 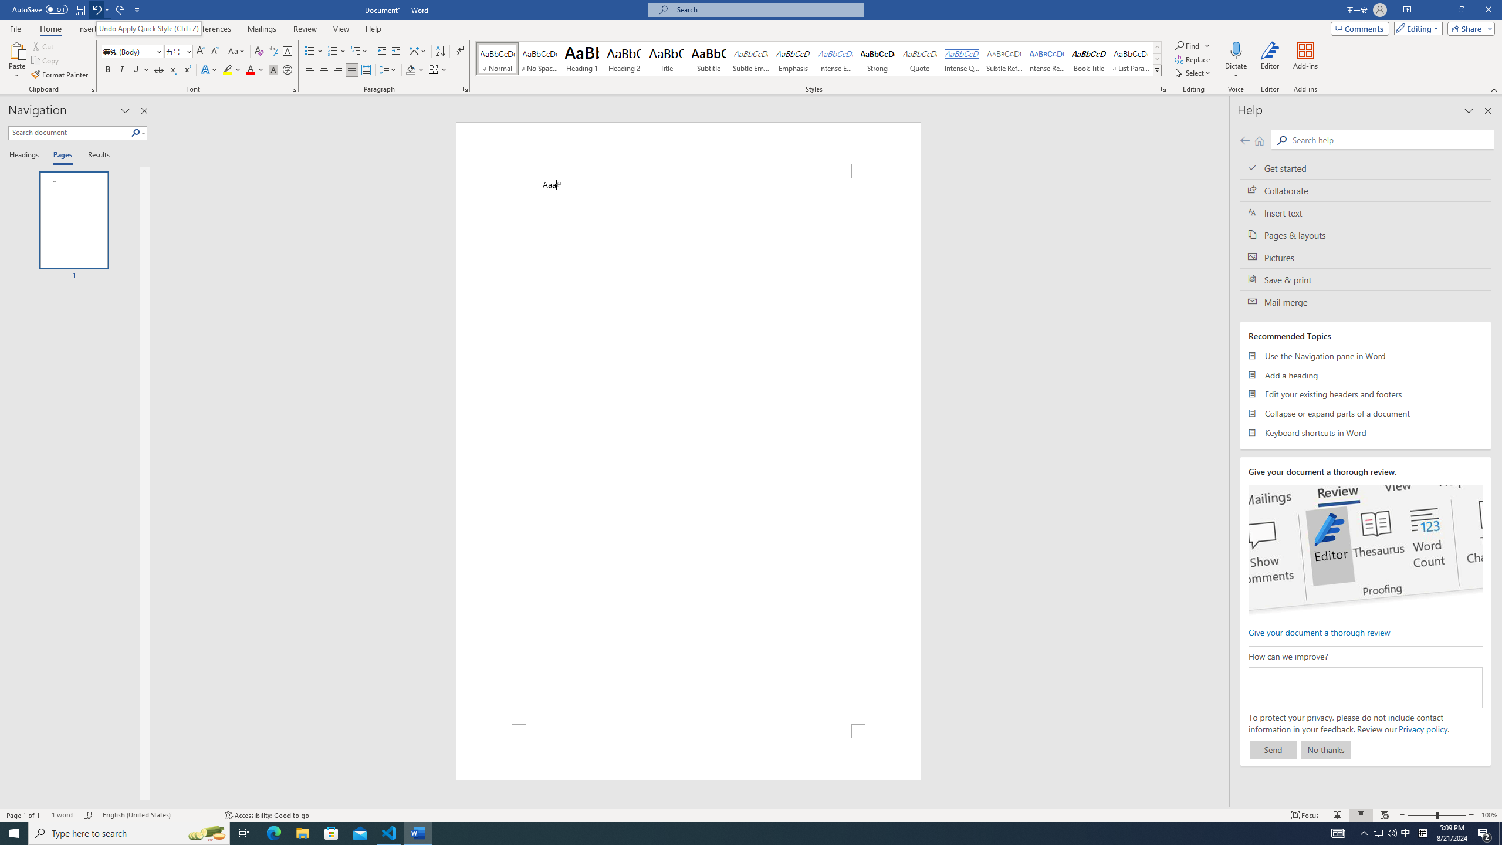 I want to click on 'Accessibility Checker Accessibility: Good to go', so click(x=266, y=815).